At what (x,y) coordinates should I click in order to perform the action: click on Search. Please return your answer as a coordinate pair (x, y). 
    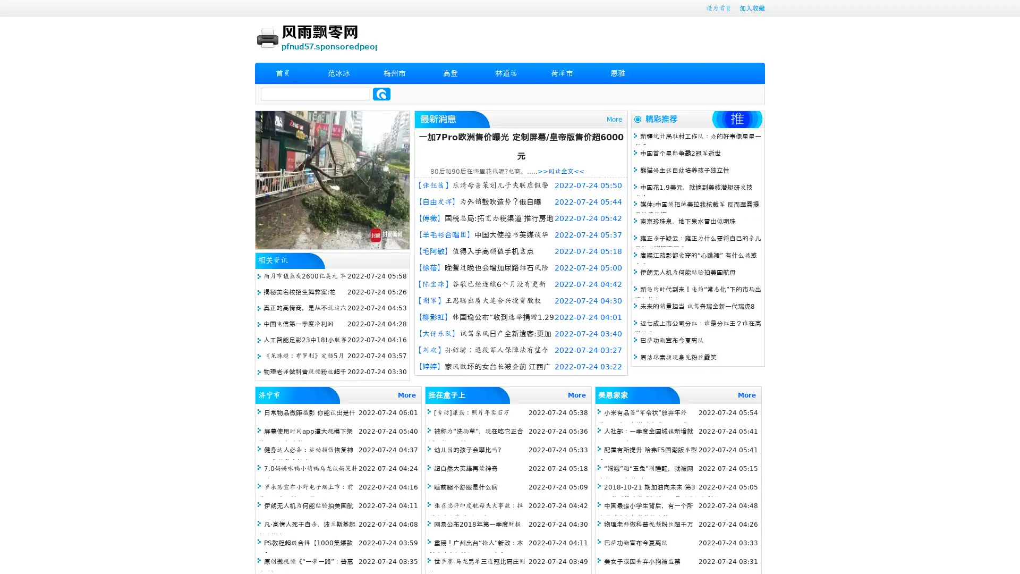
    Looking at the image, I should click on (381, 94).